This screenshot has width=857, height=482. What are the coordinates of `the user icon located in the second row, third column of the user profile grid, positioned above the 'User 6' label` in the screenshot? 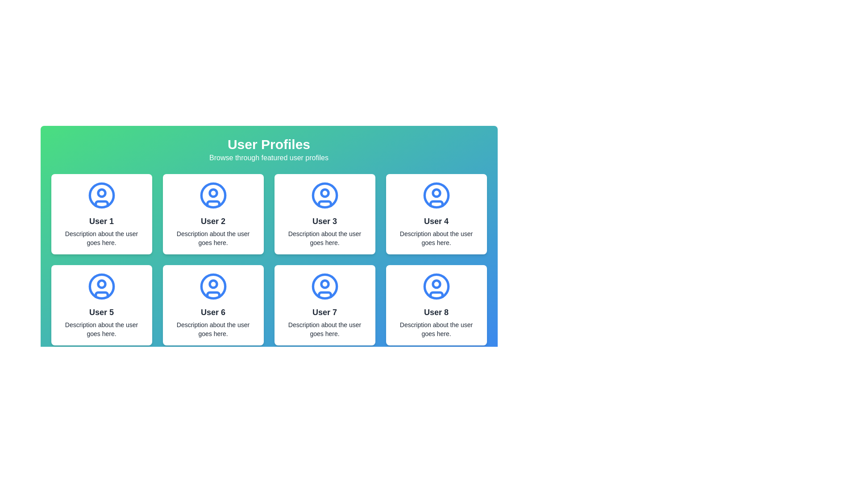 It's located at (212, 286).